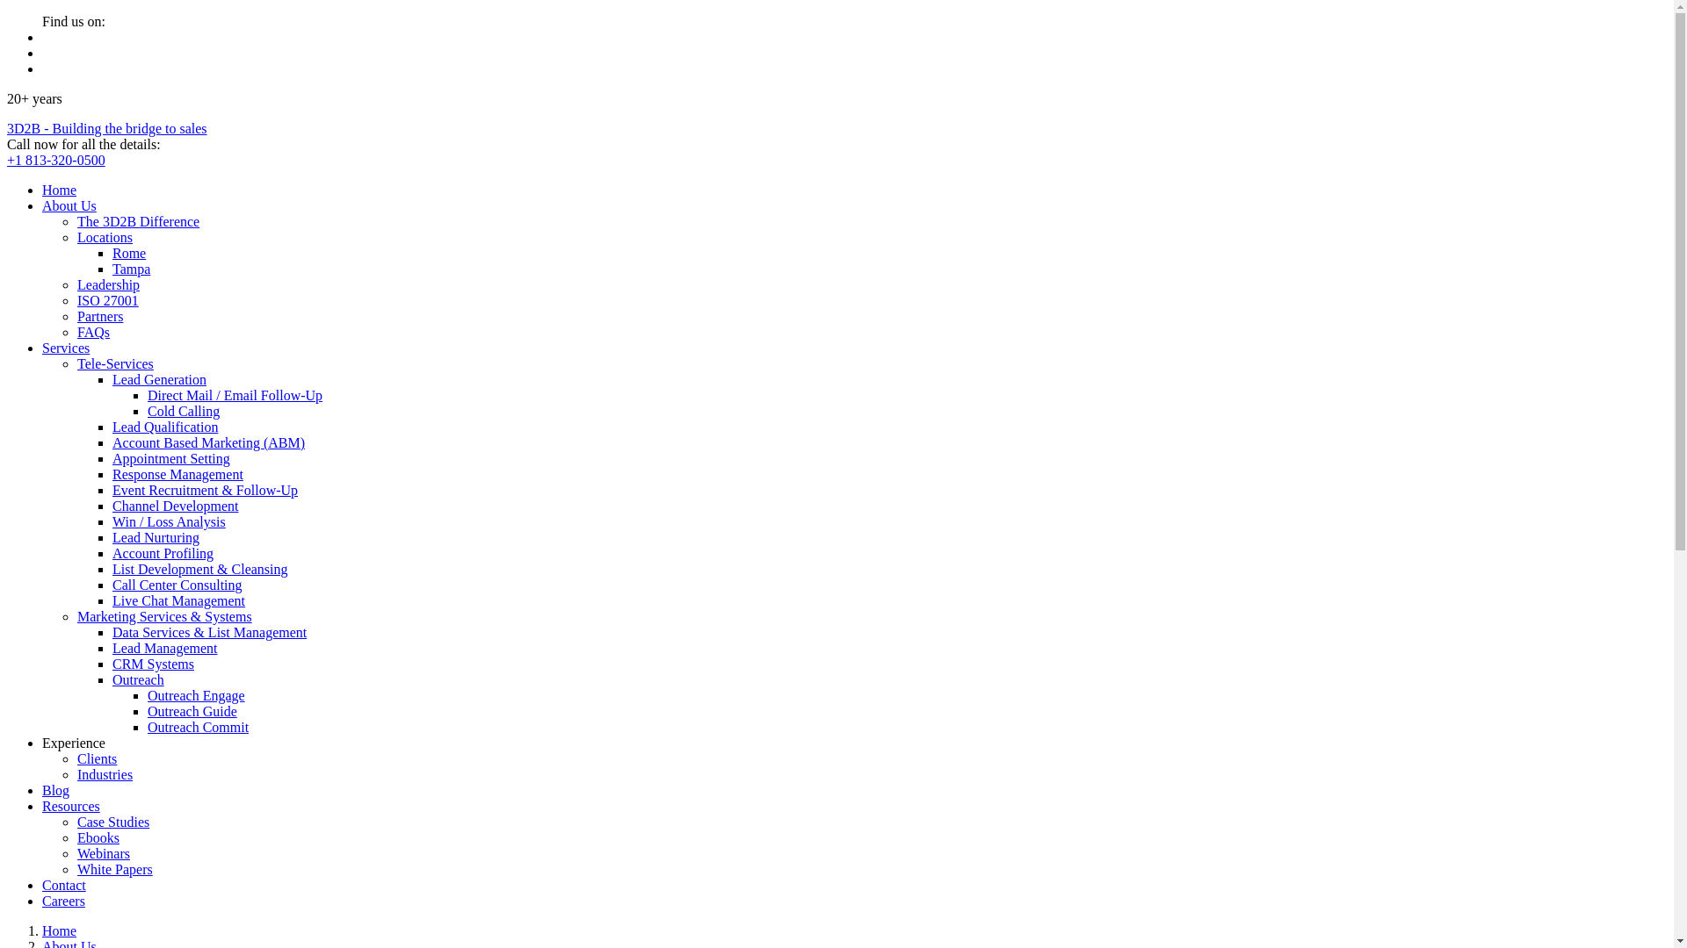  I want to click on 'Locations', so click(104, 237).